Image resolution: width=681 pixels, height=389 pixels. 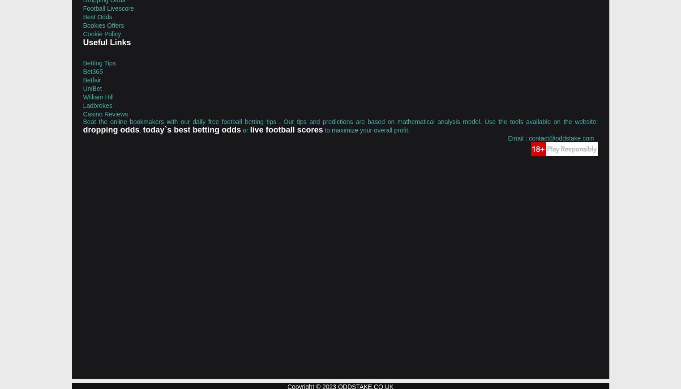 I want to click on 'Bookies Offers', so click(x=82, y=24).